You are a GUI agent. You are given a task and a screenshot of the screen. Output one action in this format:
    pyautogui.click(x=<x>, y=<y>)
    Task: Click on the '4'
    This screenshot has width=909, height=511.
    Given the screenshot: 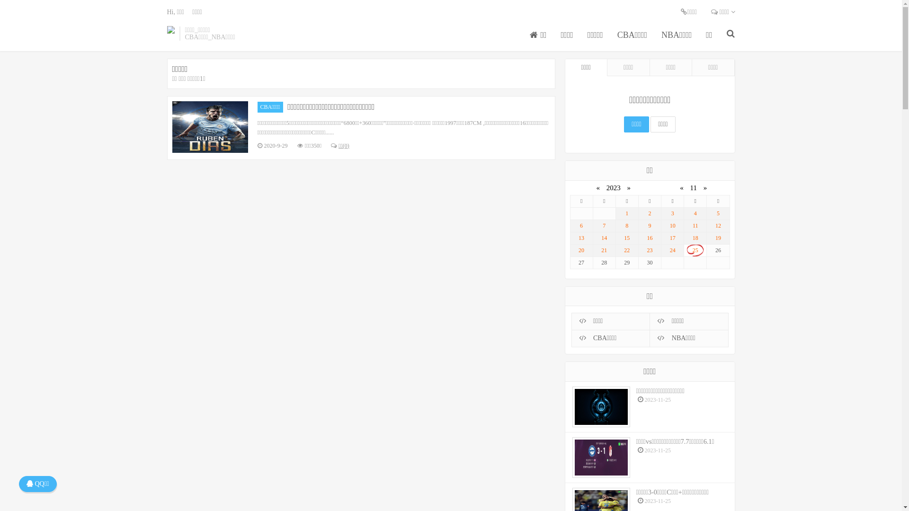 What is the action you would take?
    pyautogui.click(x=695, y=213)
    